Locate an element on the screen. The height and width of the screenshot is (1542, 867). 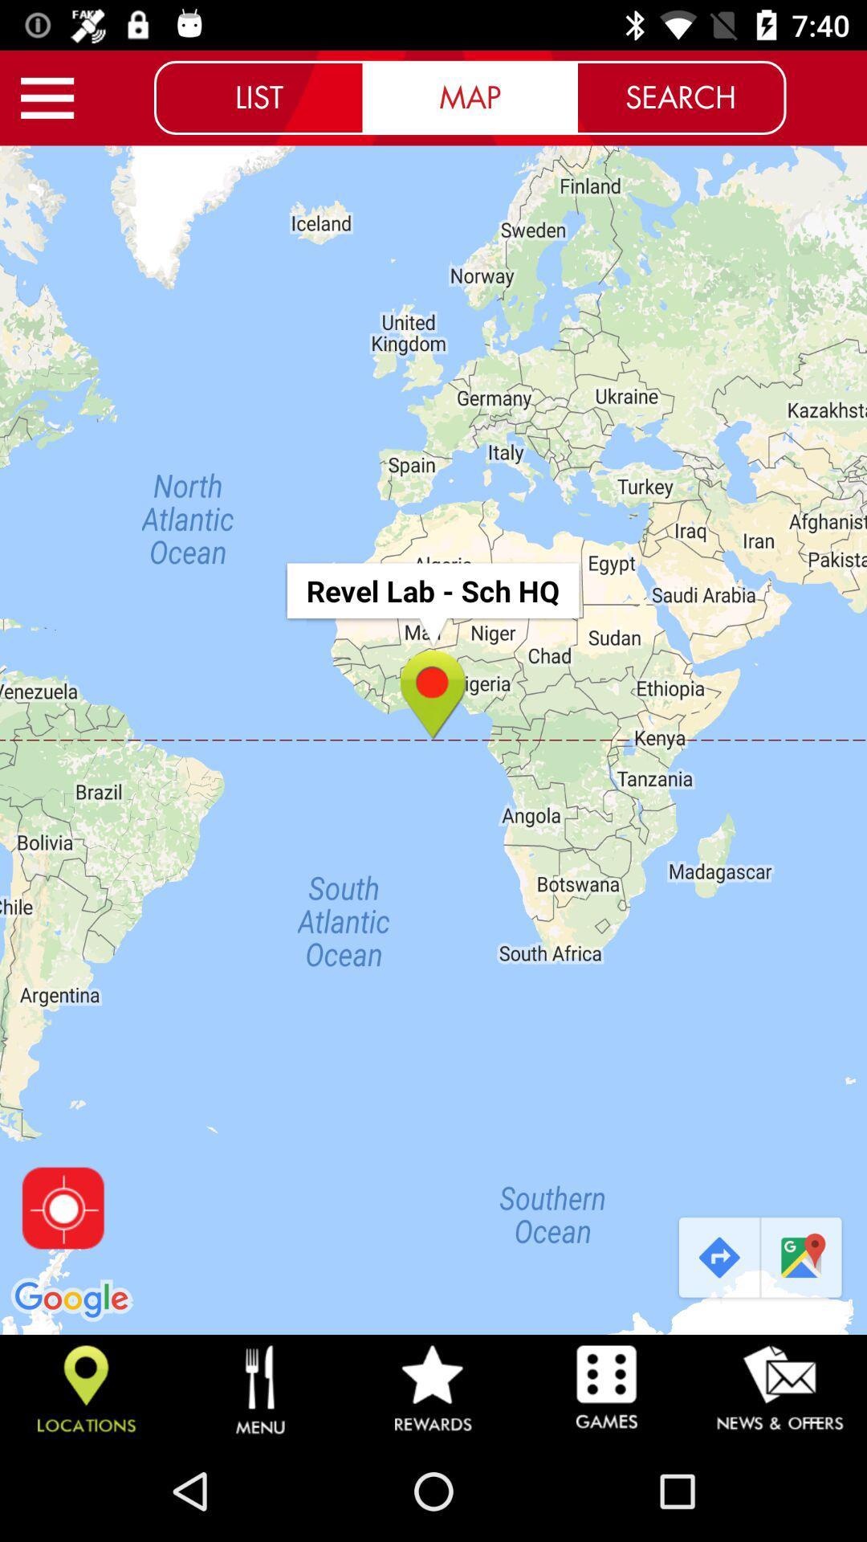
menu button is located at coordinates (47, 97).